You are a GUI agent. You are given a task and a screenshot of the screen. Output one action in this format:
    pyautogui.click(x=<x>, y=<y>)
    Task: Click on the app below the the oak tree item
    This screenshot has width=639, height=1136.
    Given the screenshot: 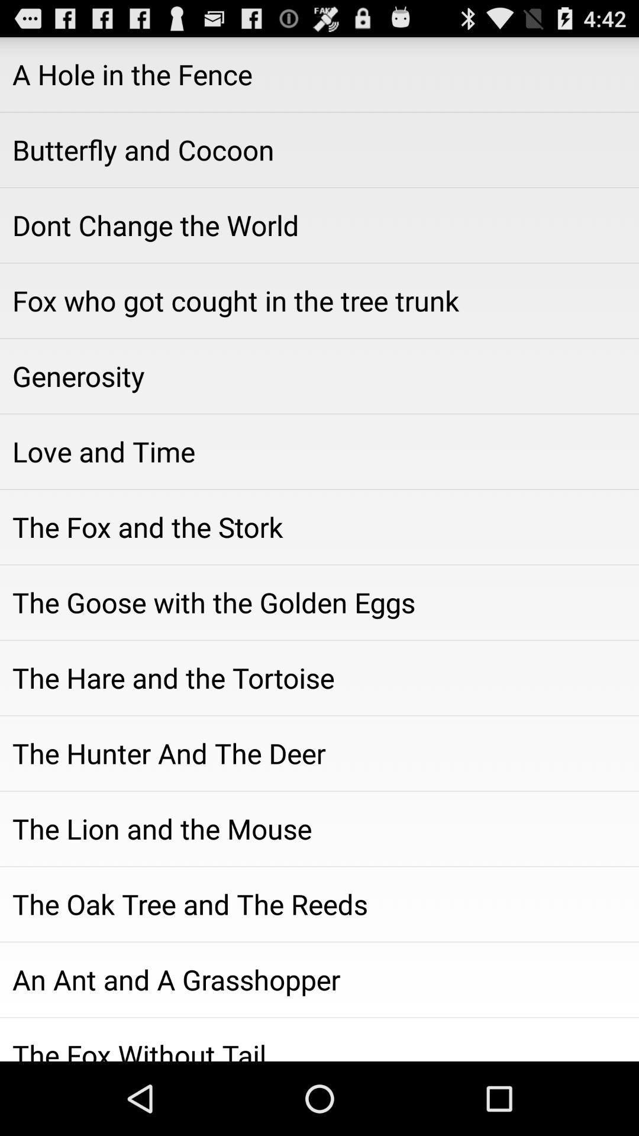 What is the action you would take?
    pyautogui.click(x=319, y=980)
    